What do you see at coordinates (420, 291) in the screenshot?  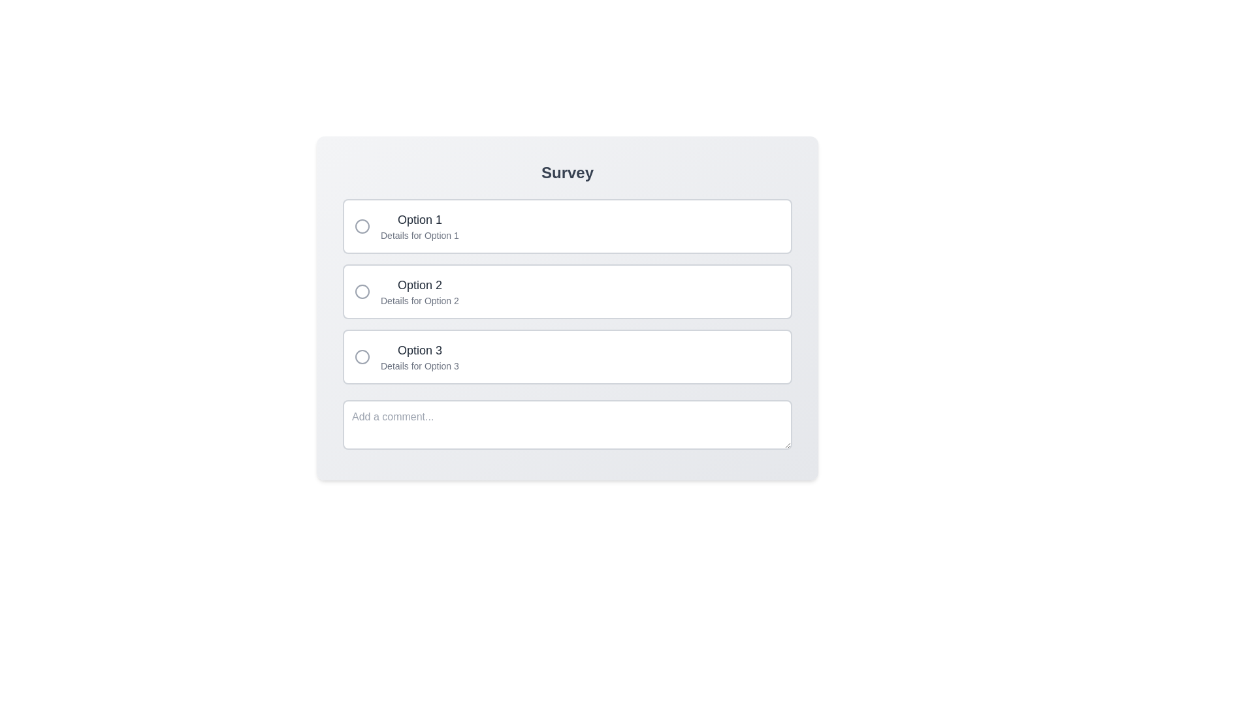 I see `text content of the Text label element that displays 'Option 2' and 'Details for Option 2', located centrally in the second row of the survey options` at bounding box center [420, 291].